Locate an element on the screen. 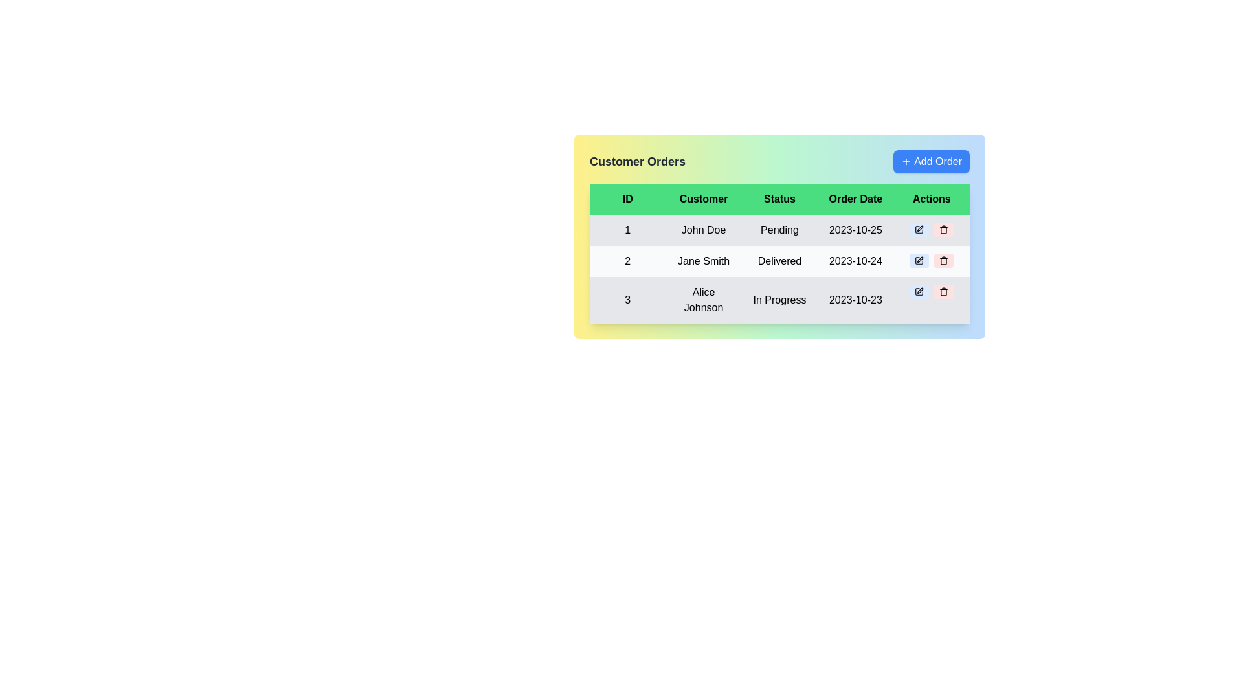 This screenshot has width=1243, height=699. the numerical label displaying '2' in the second row of the 'Customer Orders' table, which is associated with the record for 'Jane Smith' is located at coordinates (627, 261).